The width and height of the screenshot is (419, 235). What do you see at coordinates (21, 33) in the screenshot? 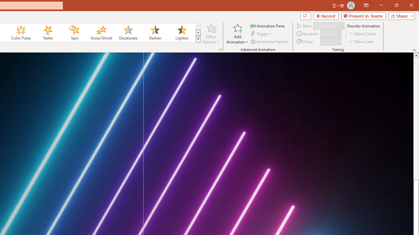
I see `'Color Pulse'` at bounding box center [21, 33].